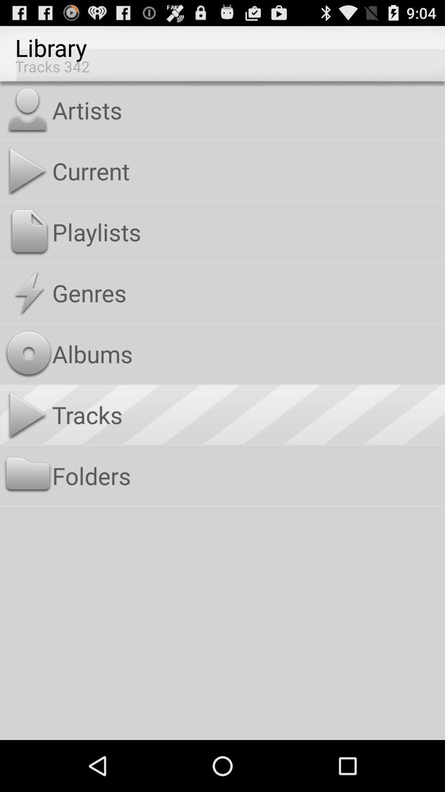 This screenshot has height=792, width=445. What do you see at coordinates (246, 109) in the screenshot?
I see `artists app` at bounding box center [246, 109].